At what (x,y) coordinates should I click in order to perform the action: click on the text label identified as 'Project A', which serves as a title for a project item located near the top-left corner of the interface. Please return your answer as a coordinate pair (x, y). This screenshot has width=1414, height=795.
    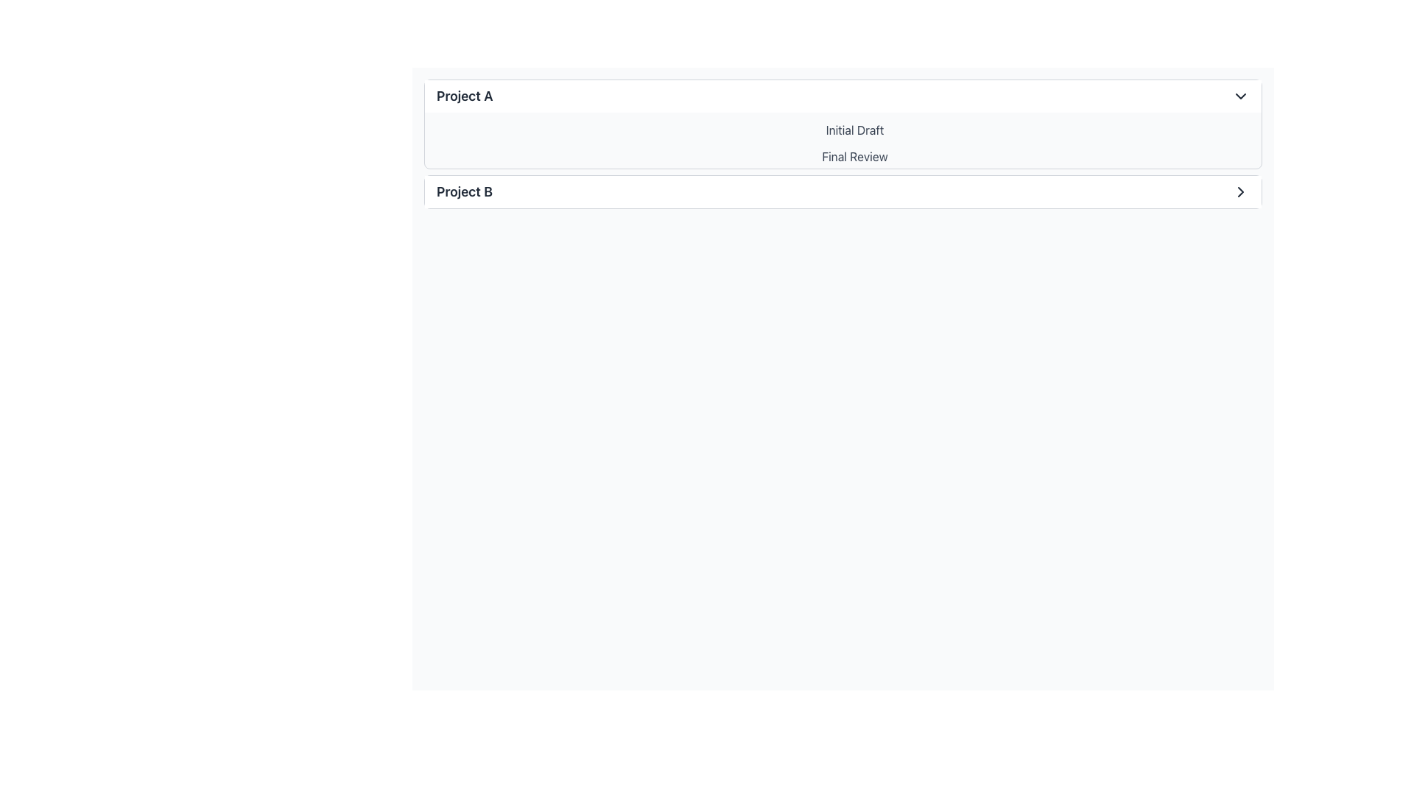
    Looking at the image, I should click on (464, 96).